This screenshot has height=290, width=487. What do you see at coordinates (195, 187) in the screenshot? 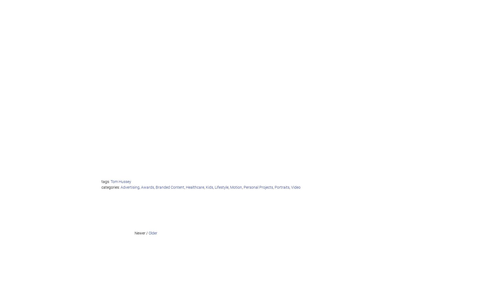
I see `'Healthcare'` at bounding box center [195, 187].